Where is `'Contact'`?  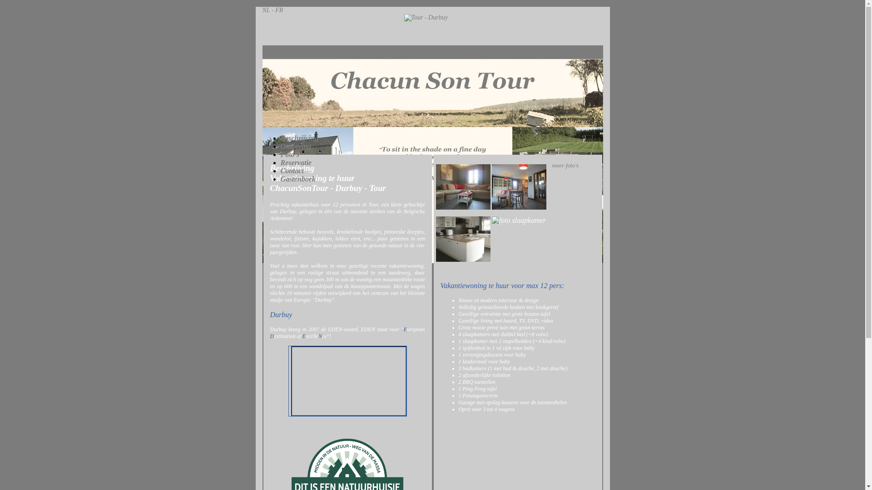 'Contact' is located at coordinates (292, 171).